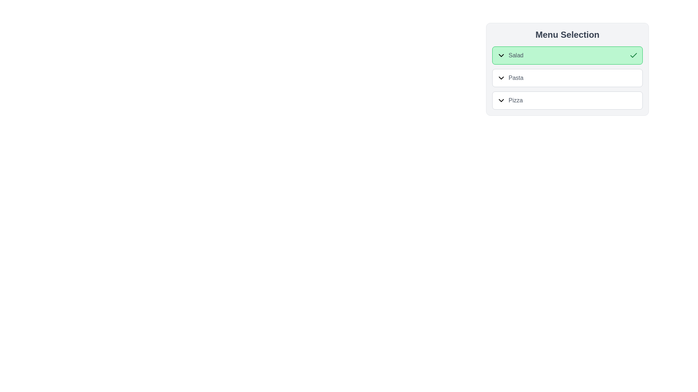  I want to click on the chevron icon for the 'Pasta' menu item, which is the second option in the dropdown menu under 'Menu Selection', so click(510, 78).